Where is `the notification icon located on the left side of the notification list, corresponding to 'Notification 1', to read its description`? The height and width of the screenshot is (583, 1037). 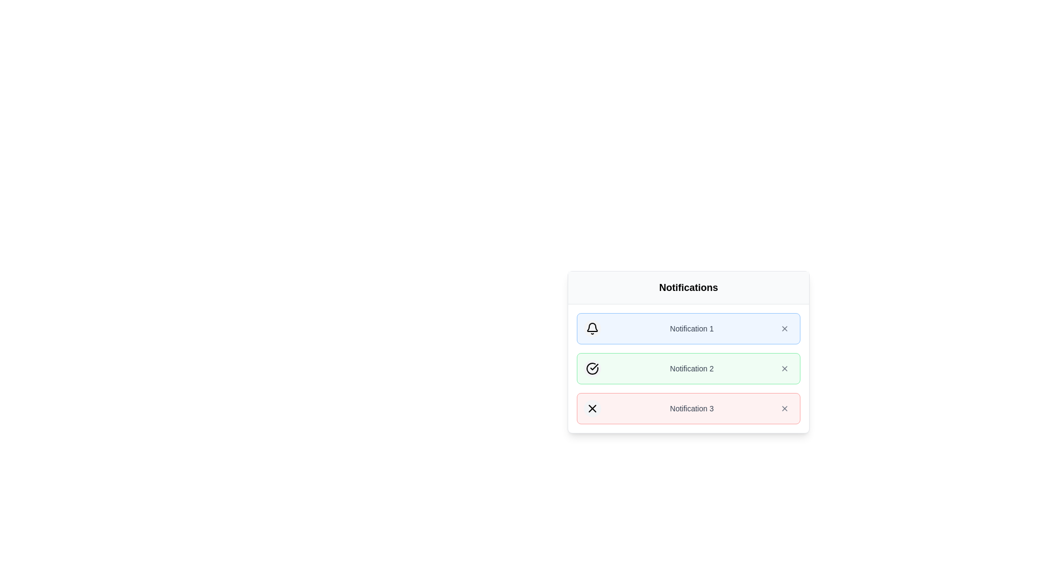
the notification icon located on the left side of the notification list, corresponding to 'Notification 1', to read its description is located at coordinates (592, 328).